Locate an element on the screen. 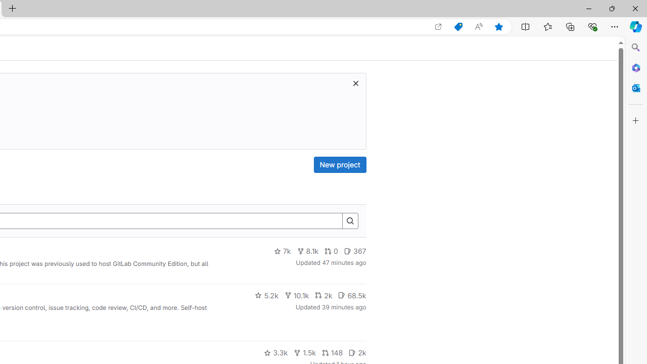 This screenshot has width=647, height=364. '7k' is located at coordinates (282, 251).